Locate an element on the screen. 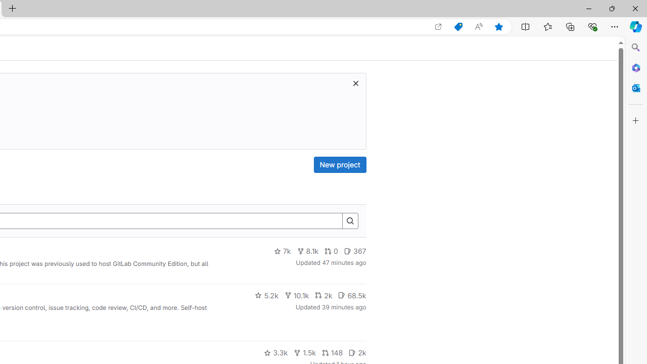 This screenshot has width=647, height=364. '7k' is located at coordinates (282, 251).